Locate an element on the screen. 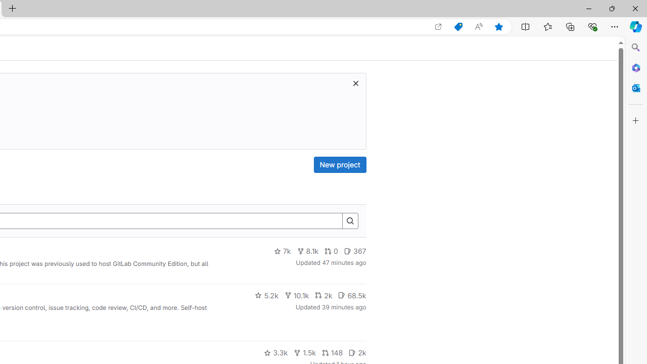 This screenshot has width=647, height=364. '7k' is located at coordinates (282, 251).